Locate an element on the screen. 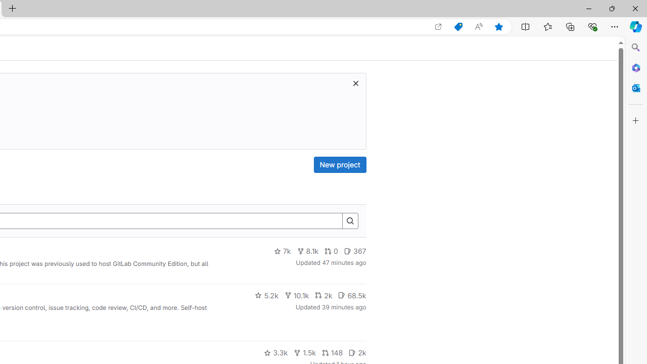 This screenshot has width=647, height=364. '7k' is located at coordinates (282, 251).